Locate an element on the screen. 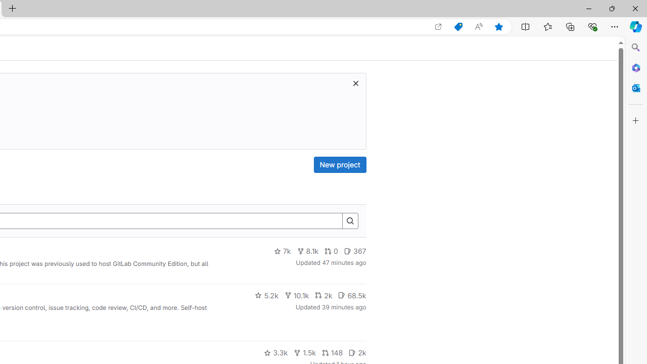 This screenshot has width=647, height=364. '7k' is located at coordinates (282, 251).